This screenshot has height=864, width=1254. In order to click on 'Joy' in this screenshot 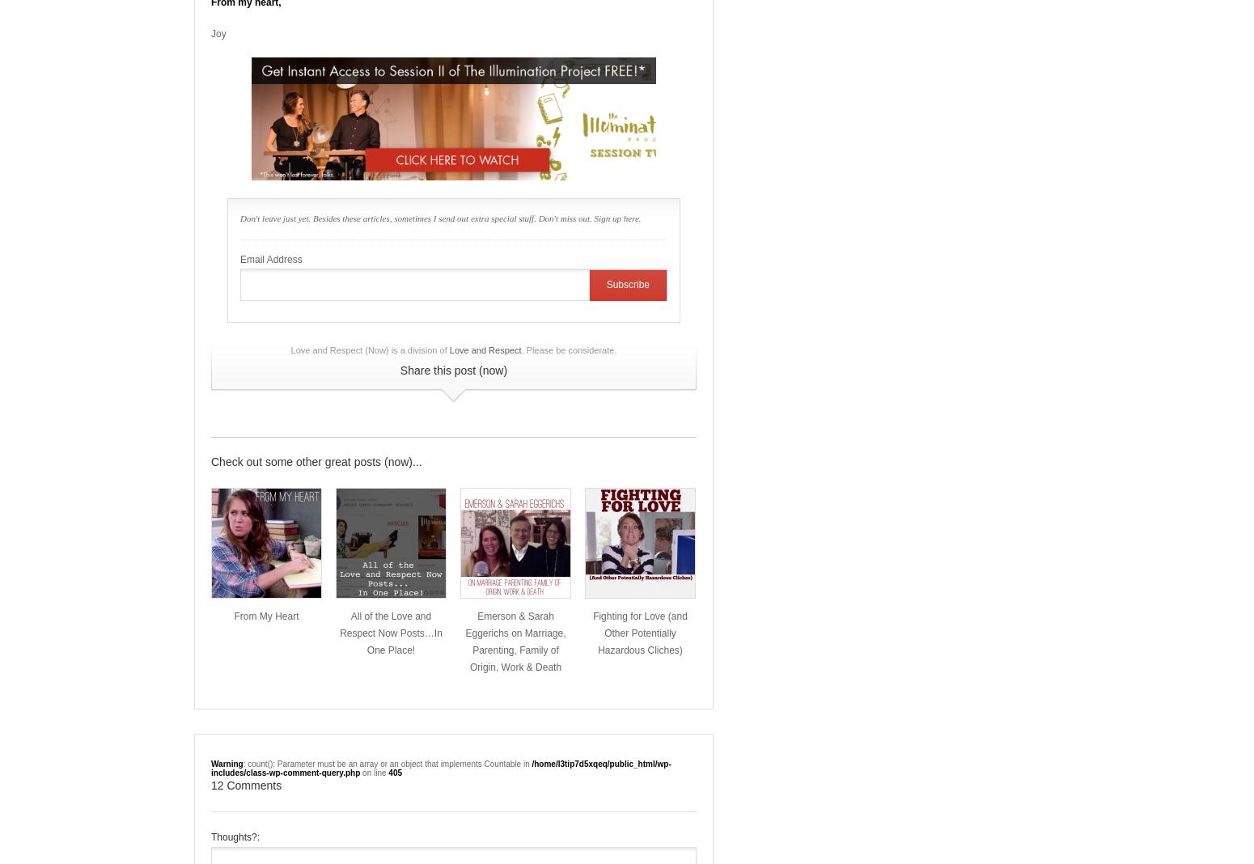, I will do `click(218, 32)`.